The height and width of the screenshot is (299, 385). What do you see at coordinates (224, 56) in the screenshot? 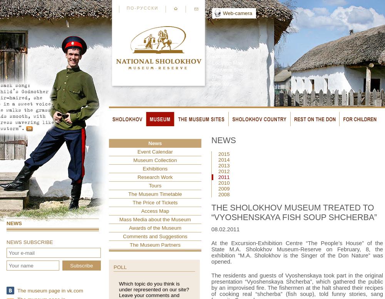
I see `'Excursions'` at bounding box center [224, 56].